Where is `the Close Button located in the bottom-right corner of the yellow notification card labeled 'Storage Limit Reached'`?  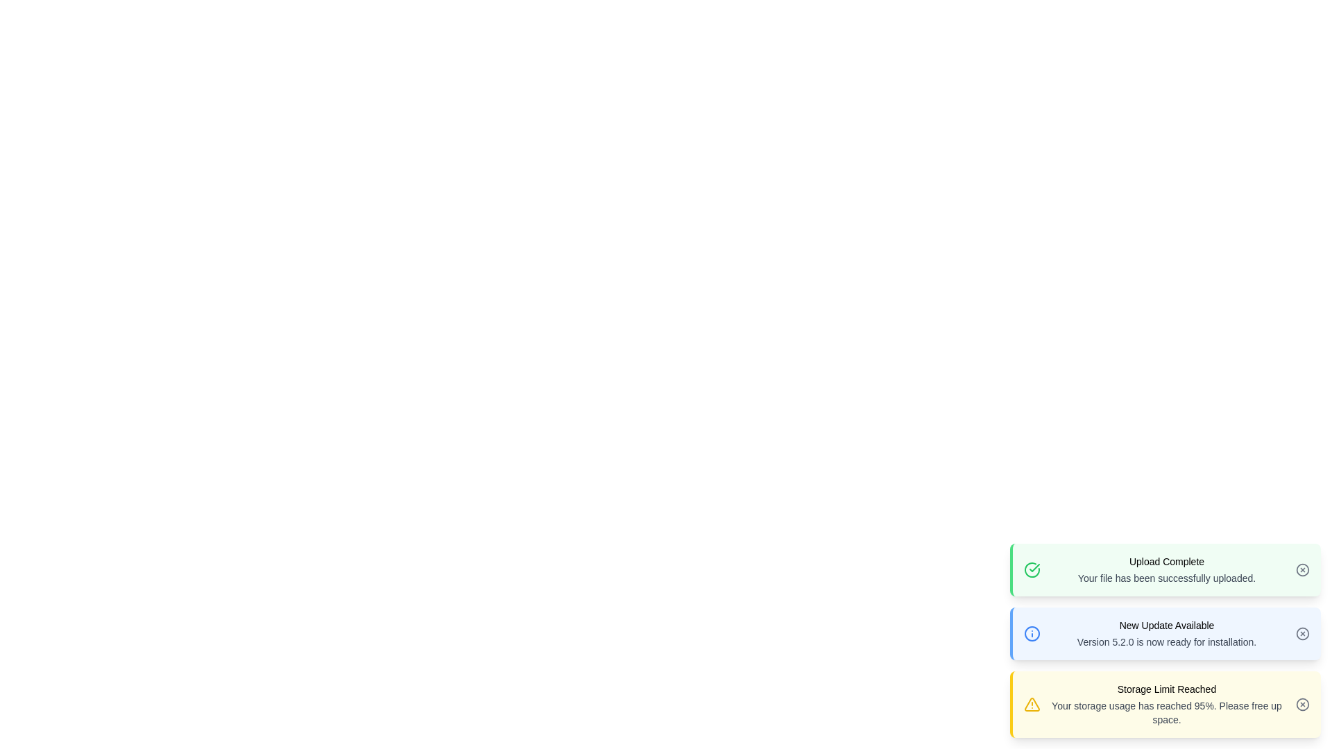
the Close Button located in the bottom-right corner of the yellow notification card labeled 'Storage Limit Reached' is located at coordinates (1301, 704).